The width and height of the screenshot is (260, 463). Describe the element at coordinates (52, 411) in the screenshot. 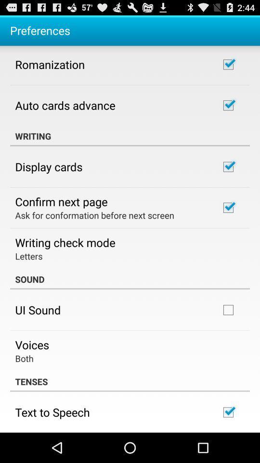

I see `text to speech app` at that location.